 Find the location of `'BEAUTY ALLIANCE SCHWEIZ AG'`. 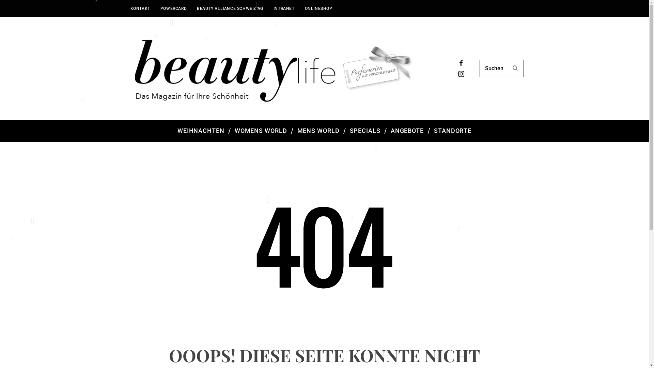

'BEAUTY ALLIANCE SCHWEIZ AG' is located at coordinates (191, 8).